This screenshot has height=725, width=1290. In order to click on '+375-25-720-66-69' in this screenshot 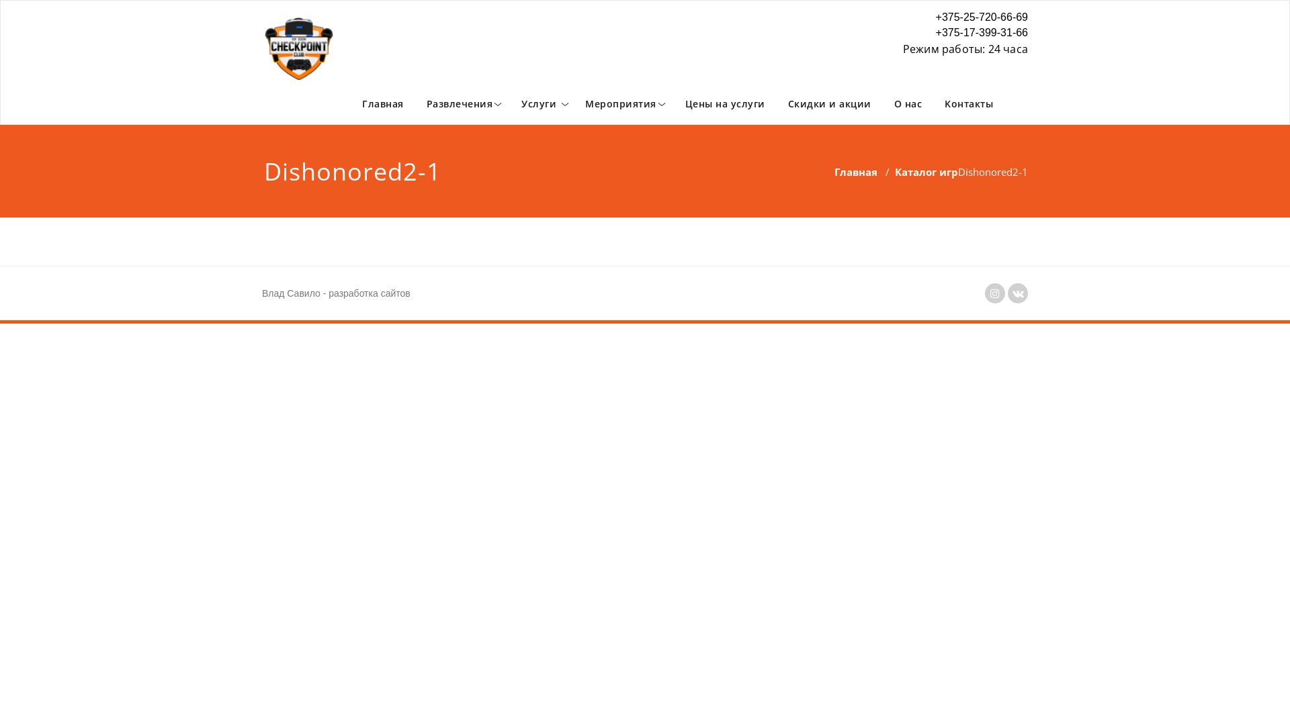, I will do `click(964, 17)`.